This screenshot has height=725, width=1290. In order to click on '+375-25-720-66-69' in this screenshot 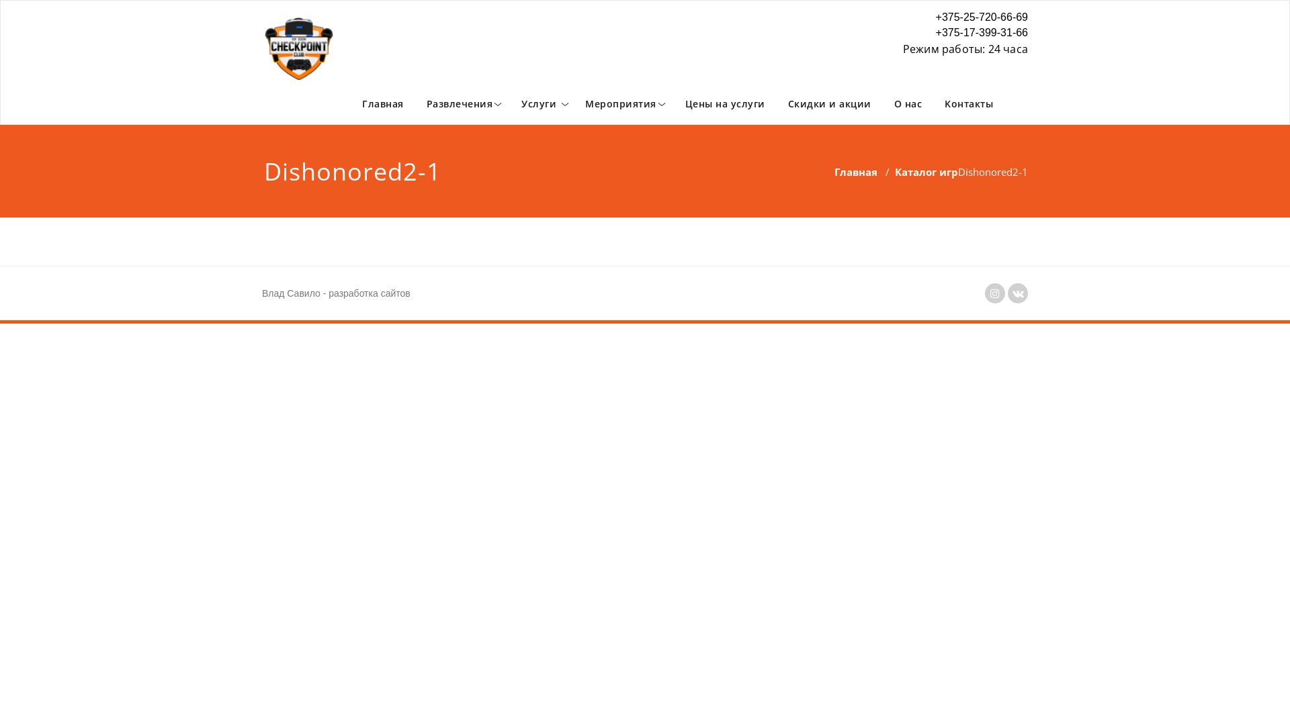, I will do `click(964, 17)`.